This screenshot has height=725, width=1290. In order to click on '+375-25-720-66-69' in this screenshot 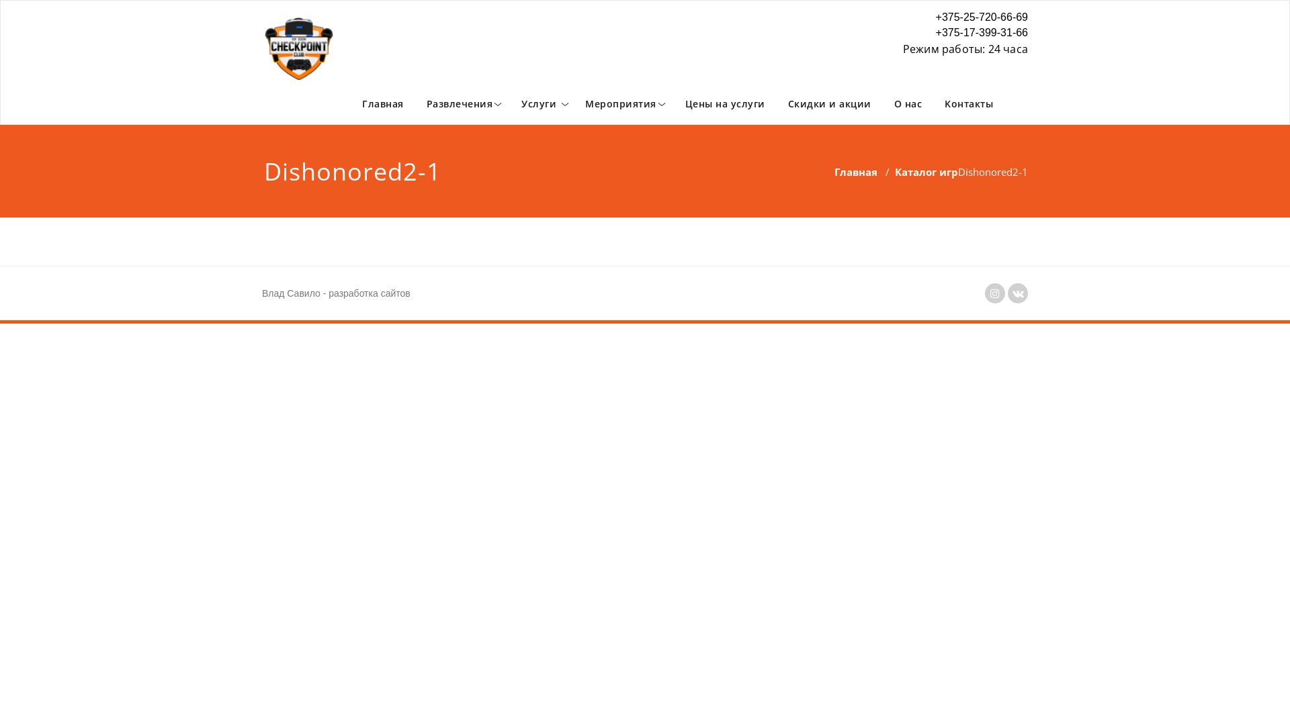, I will do `click(964, 17)`.